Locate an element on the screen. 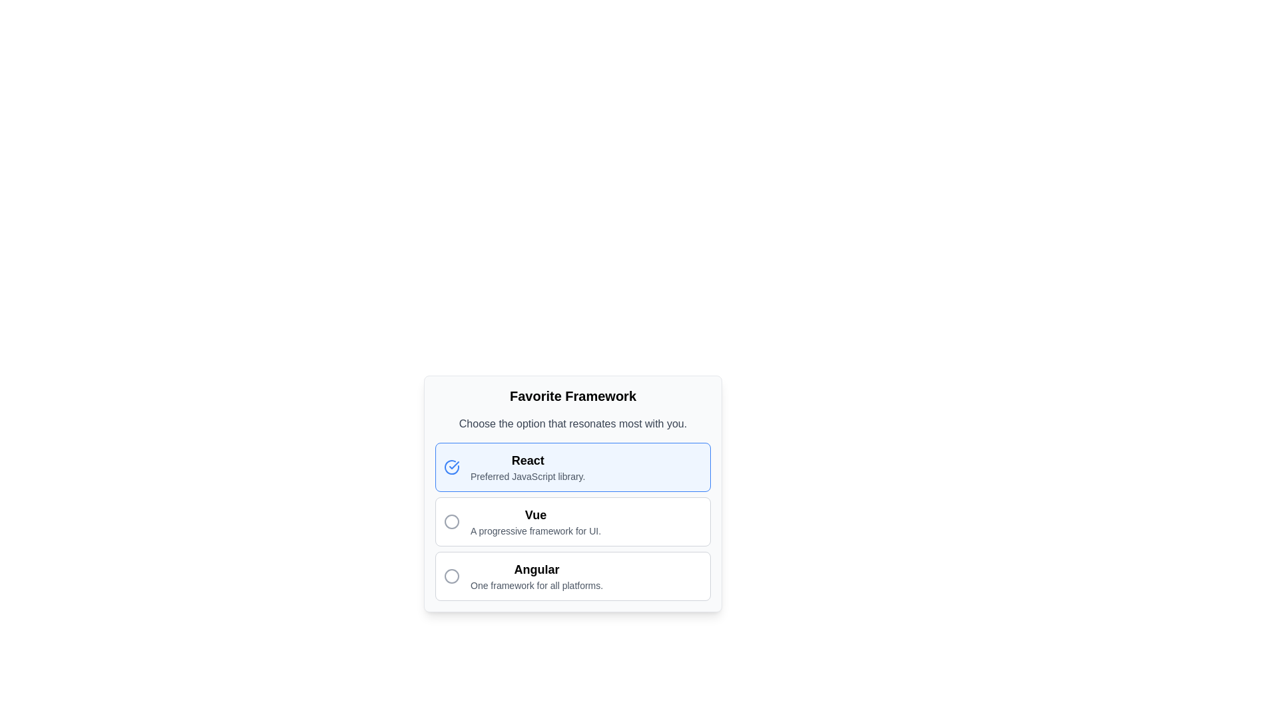 This screenshot has height=718, width=1278. the informational text label providing details about the 'React' option in the 'Favorite Framework' selection list, located directly below the 'React' text is located at coordinates (527, 476).